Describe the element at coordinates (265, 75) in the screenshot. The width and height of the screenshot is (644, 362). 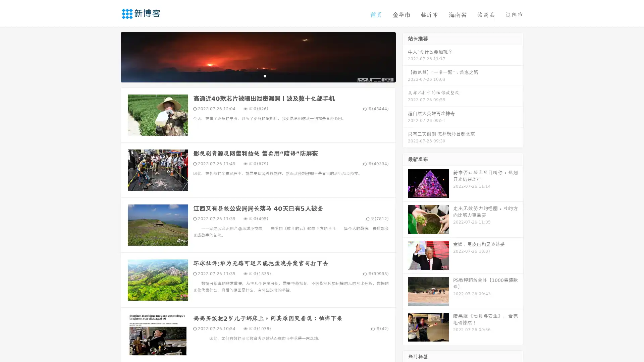
I see `Go to slide 3` at that location.